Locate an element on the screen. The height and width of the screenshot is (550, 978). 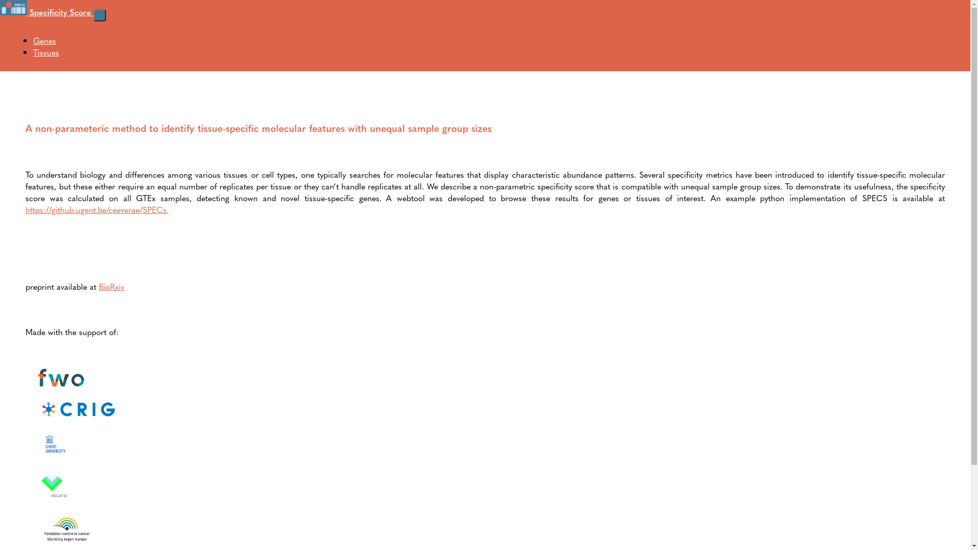
'BioRxiv' is located at coordinates (112, 286).